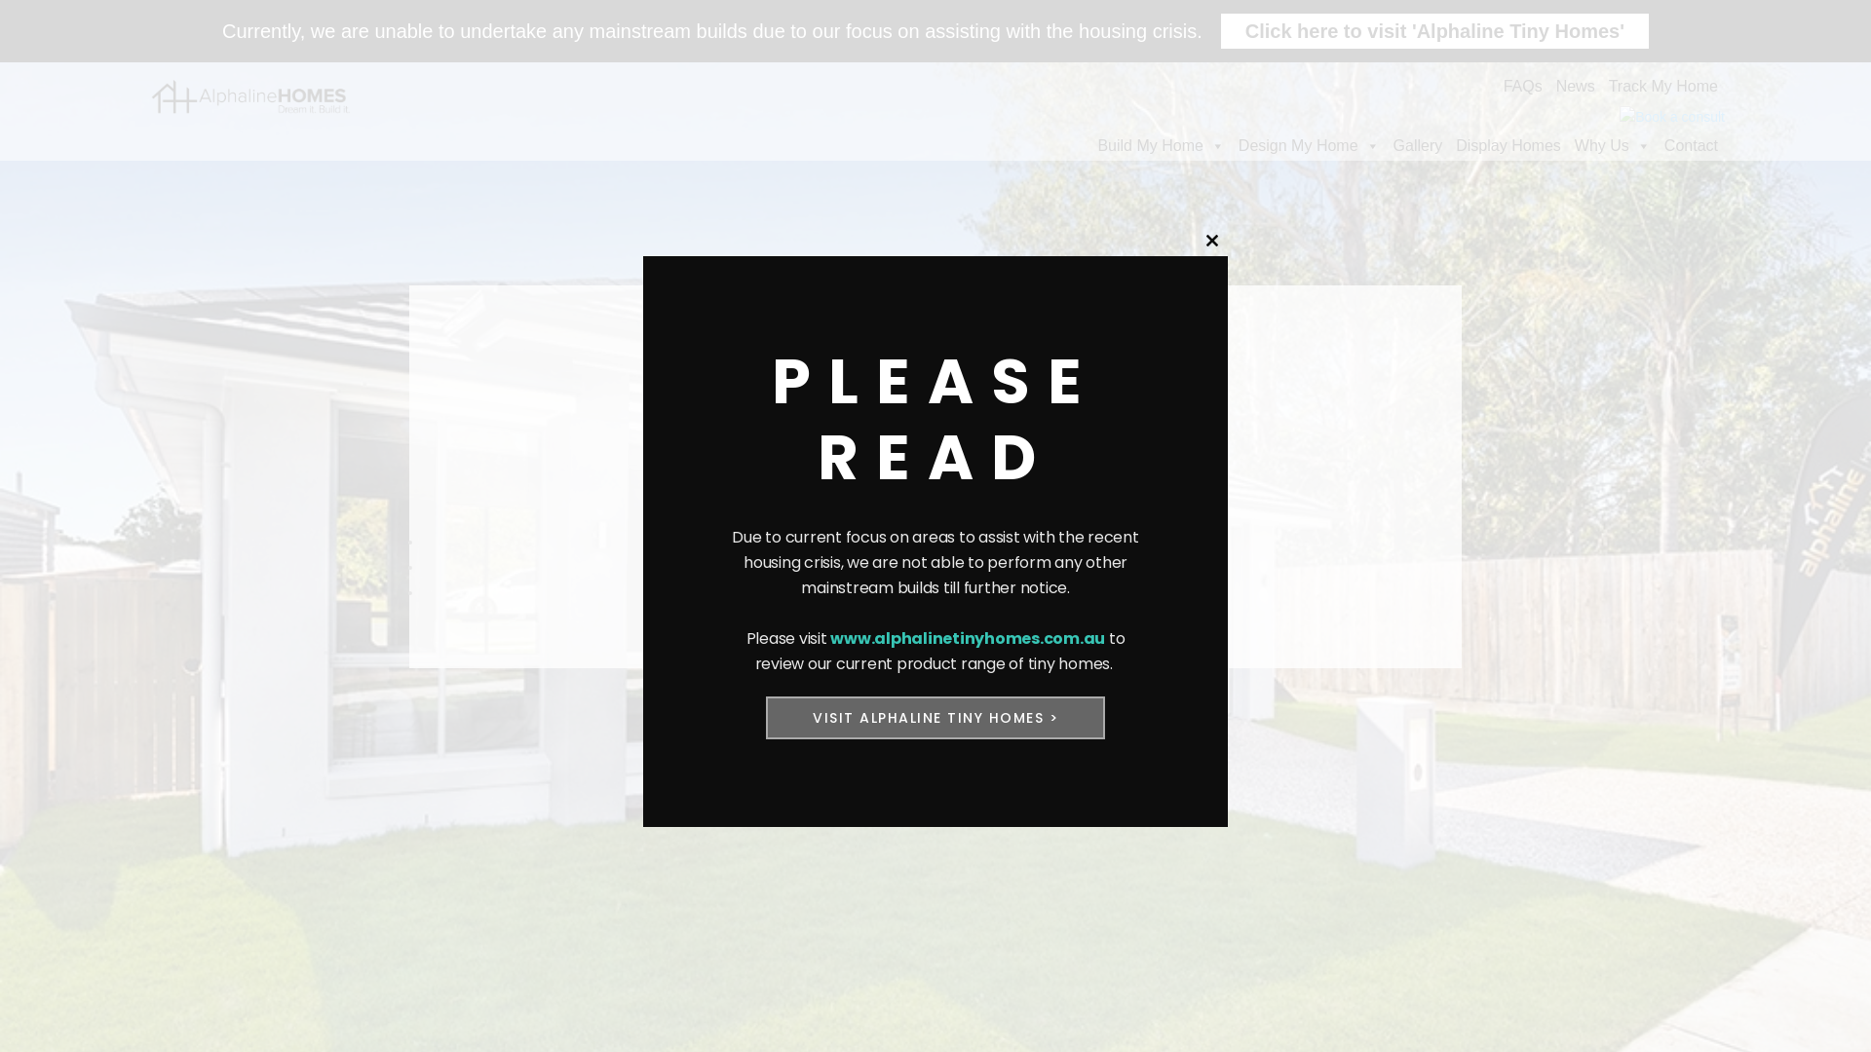 This screenshot has height=1052, width=1871. What do you see at coordinates (1230, 145) in the screenshot?
I see `'Design My Home'` at bounding box center [1230, 145].